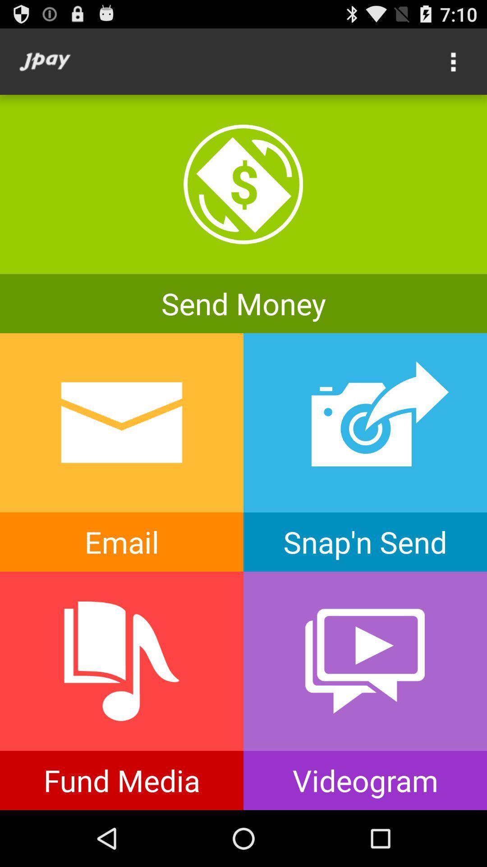 This screenshot has height=867, width=487. Describe the element at coordinates (365, 690) in the screenshot. I see `videogram` at that location.